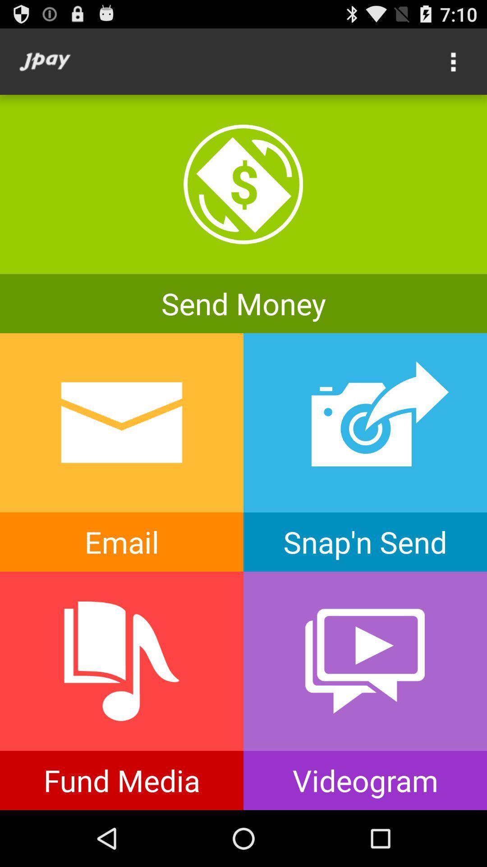 This screenshot has height=867, width=487. Describe the element at coordinates (365, 690) in the screenshot. I see `videogram` at that location.